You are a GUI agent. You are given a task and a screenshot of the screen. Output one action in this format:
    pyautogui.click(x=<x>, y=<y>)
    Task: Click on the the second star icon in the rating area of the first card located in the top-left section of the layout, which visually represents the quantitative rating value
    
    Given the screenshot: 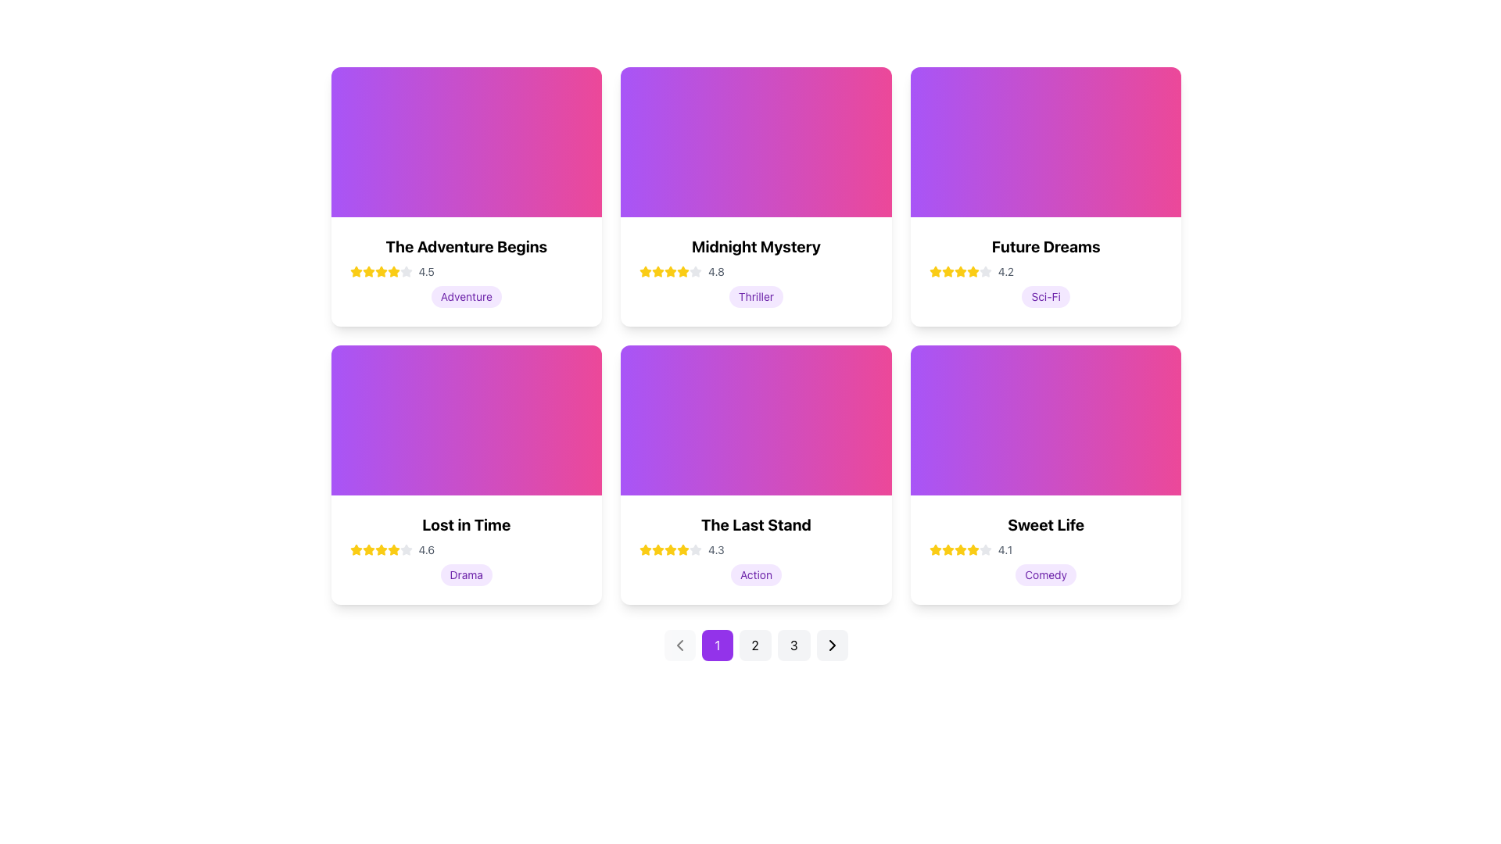 What is the action you would take?
    pyautogui.click(x=381, y=270)
    